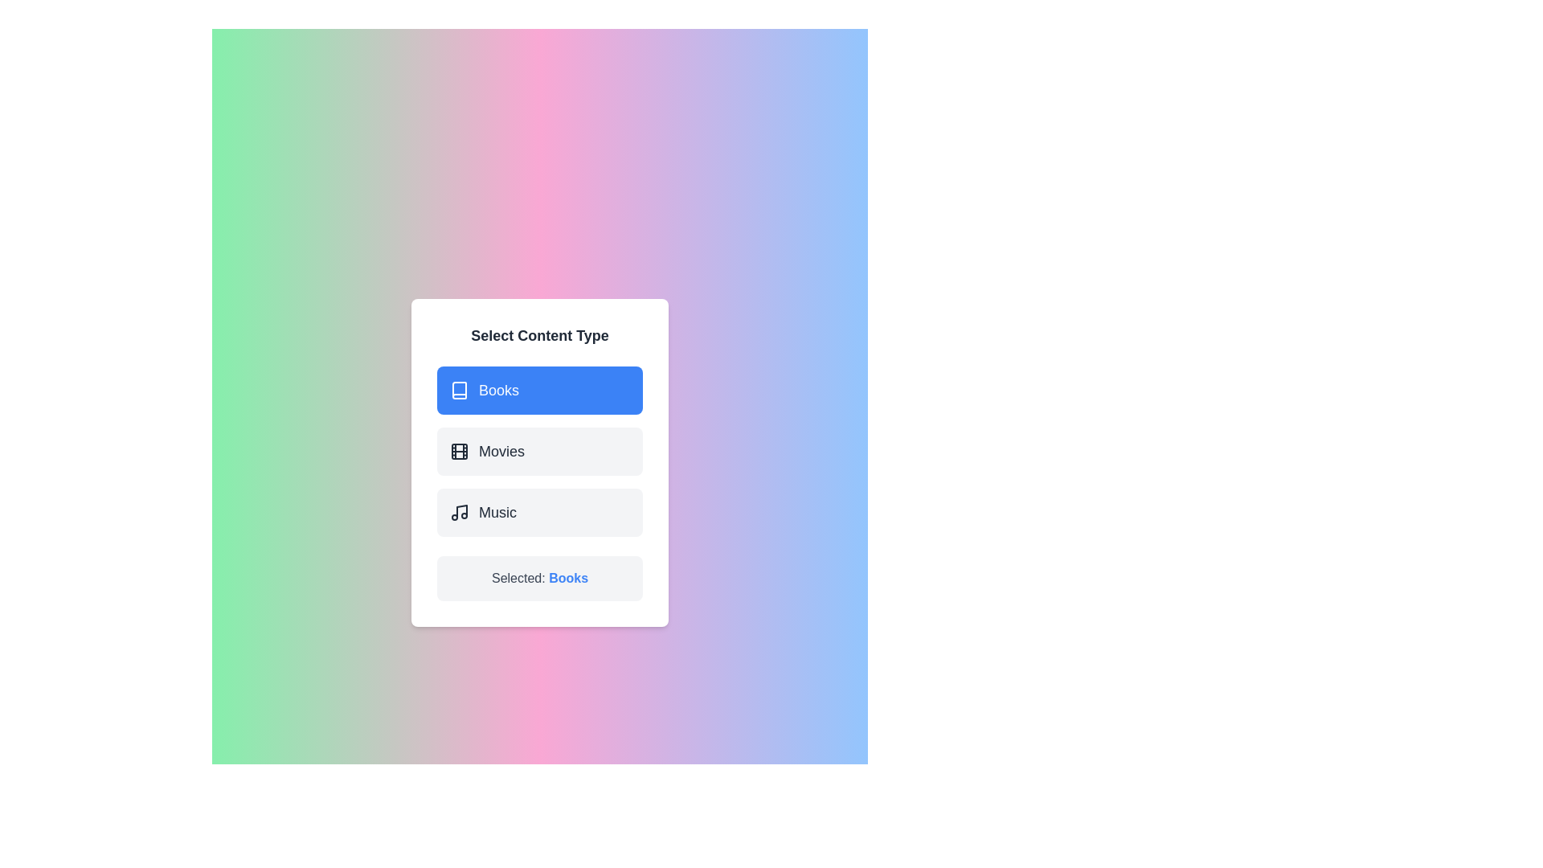  Describe the element at coordinates (501, 452) in the screenshot. I see `the text label reading 'Movies' which is displayed in gray next to a film-related icon in a selection card` at that location.